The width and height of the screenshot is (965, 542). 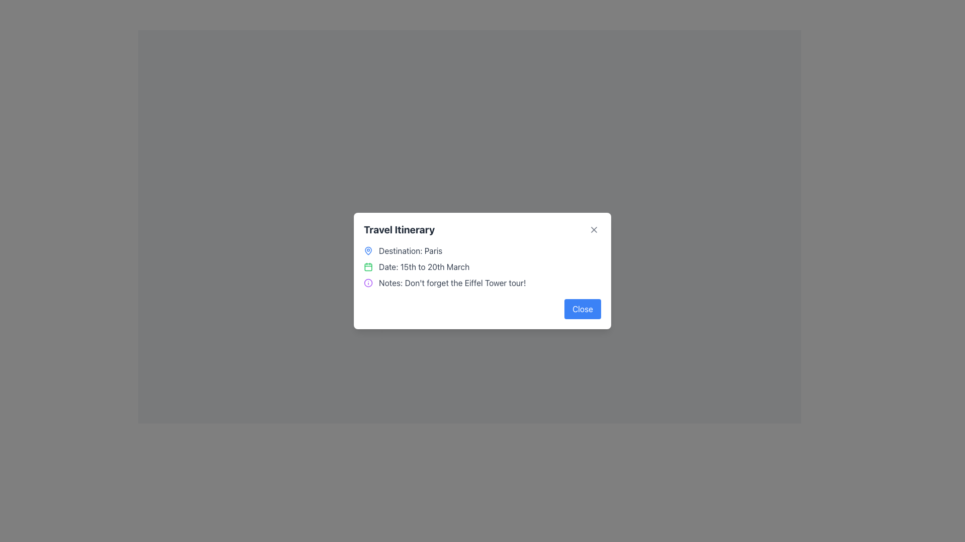 I want to click on the travel date text label, which is positioned below the 'Destination: Paris' and above the 'Notes: Don't forget the Eiffel Tower tour!' text in the dialog box, so click(x=424, y=266).